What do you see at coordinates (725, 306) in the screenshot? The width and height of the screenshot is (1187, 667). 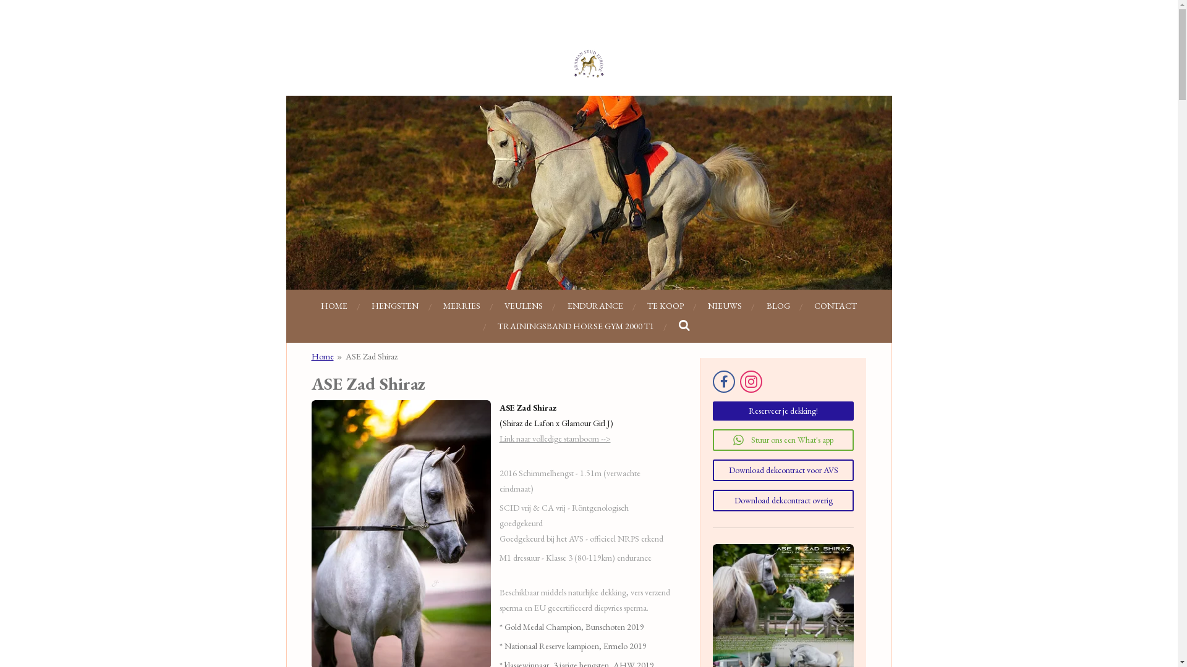 I see `'NIEUWS'` at bounding box center [725, 306].